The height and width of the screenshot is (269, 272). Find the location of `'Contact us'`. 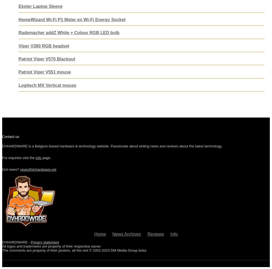

'Contact us' is located at coordinates (11, 137).